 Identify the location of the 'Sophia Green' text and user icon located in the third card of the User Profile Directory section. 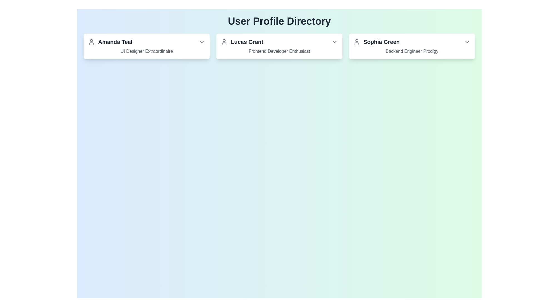
(376, 41).